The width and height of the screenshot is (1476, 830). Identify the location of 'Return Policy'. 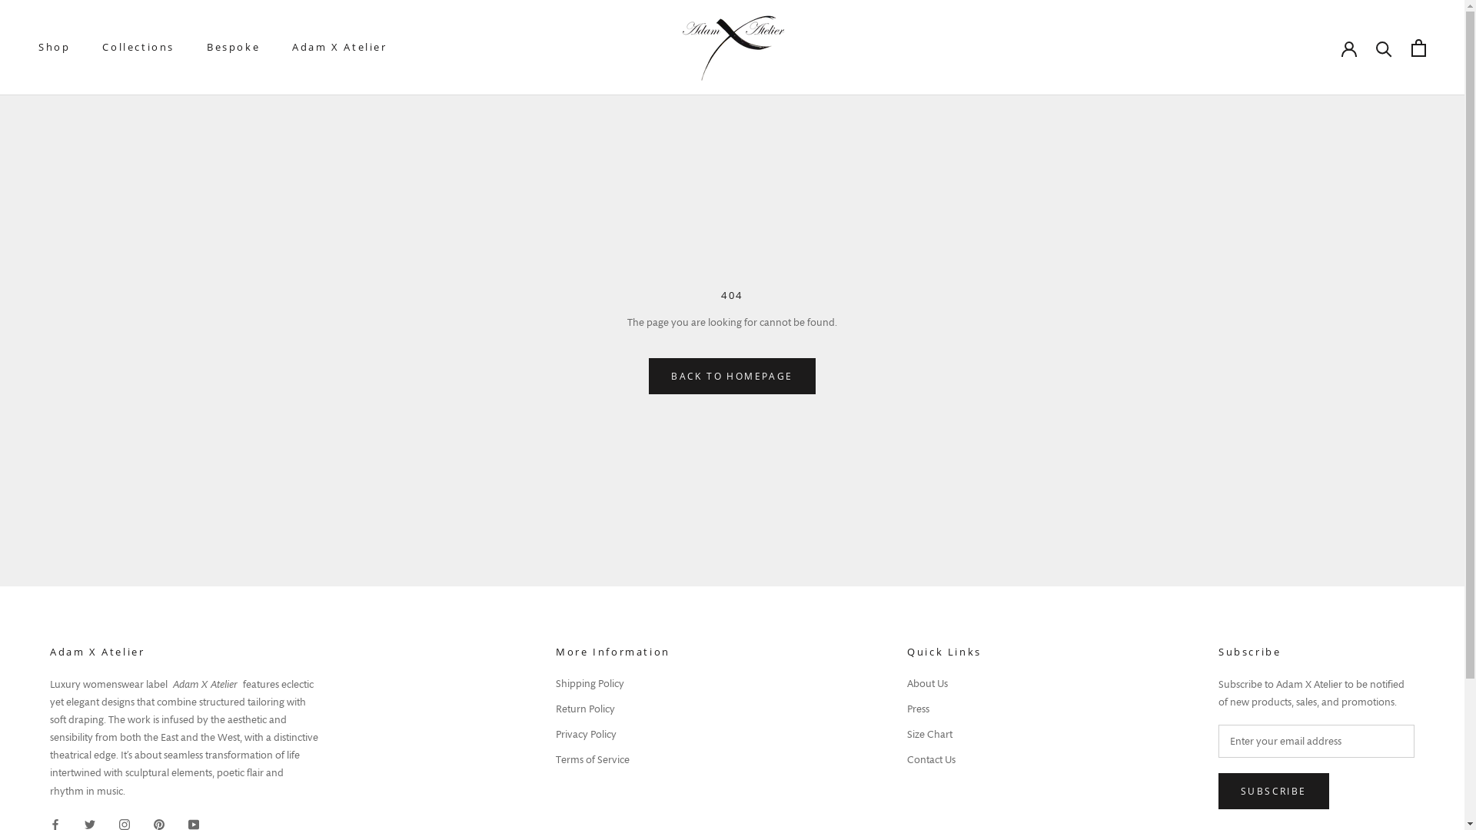
(612, 709).